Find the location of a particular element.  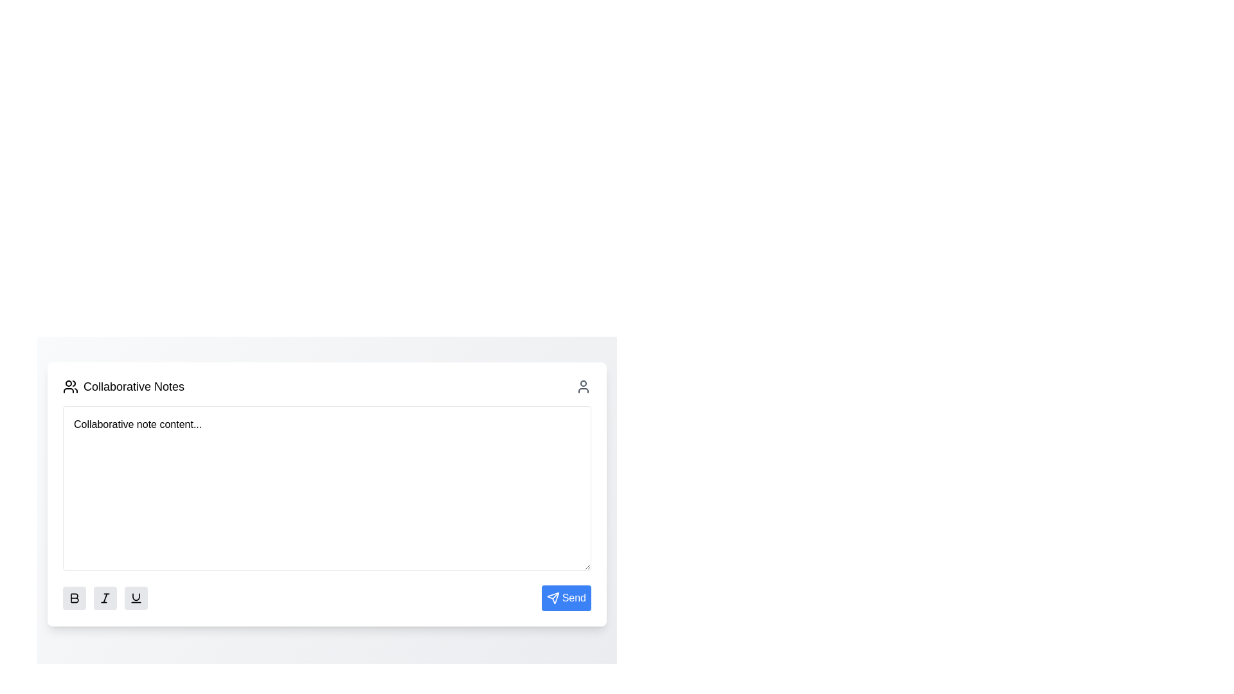

the 'Send' button in the Interactive panel is located at coordinates (326, 492).